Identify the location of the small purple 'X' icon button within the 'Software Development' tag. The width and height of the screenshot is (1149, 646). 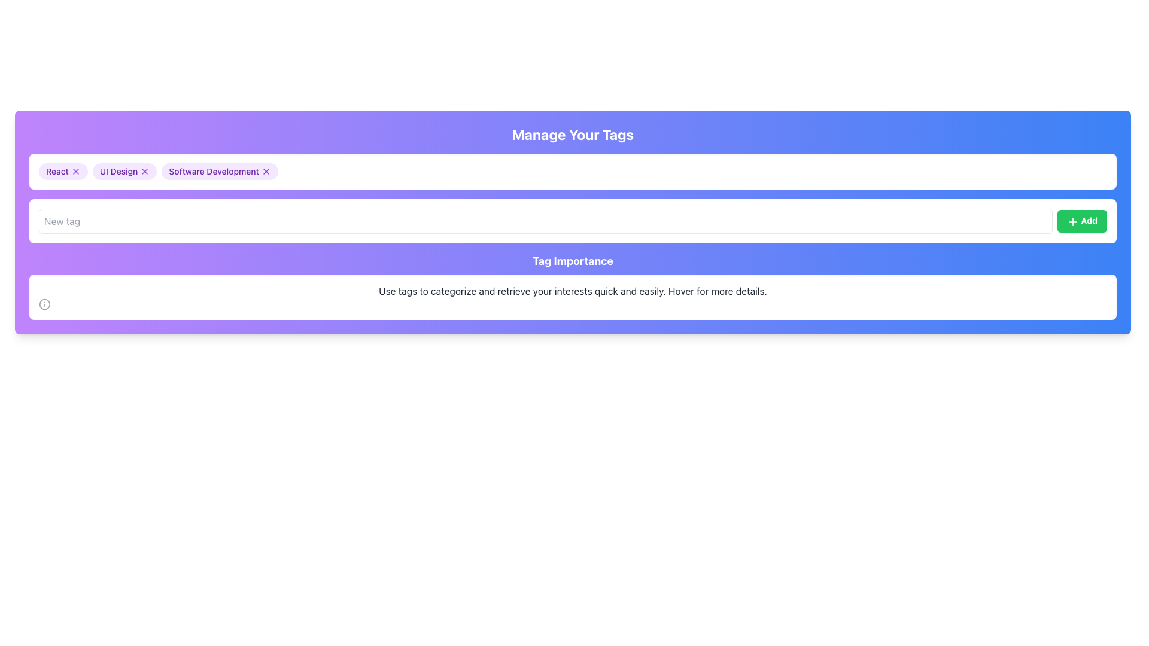
(265, 171).